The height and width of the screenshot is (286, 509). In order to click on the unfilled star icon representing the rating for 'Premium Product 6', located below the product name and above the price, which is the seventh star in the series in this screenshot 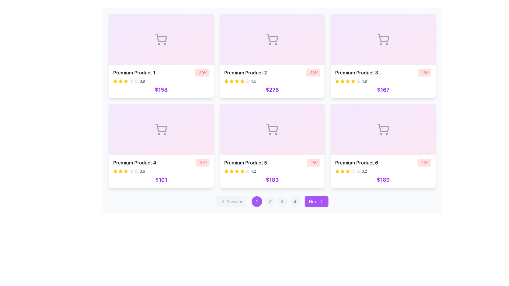, I will do `click(358, 171)`.